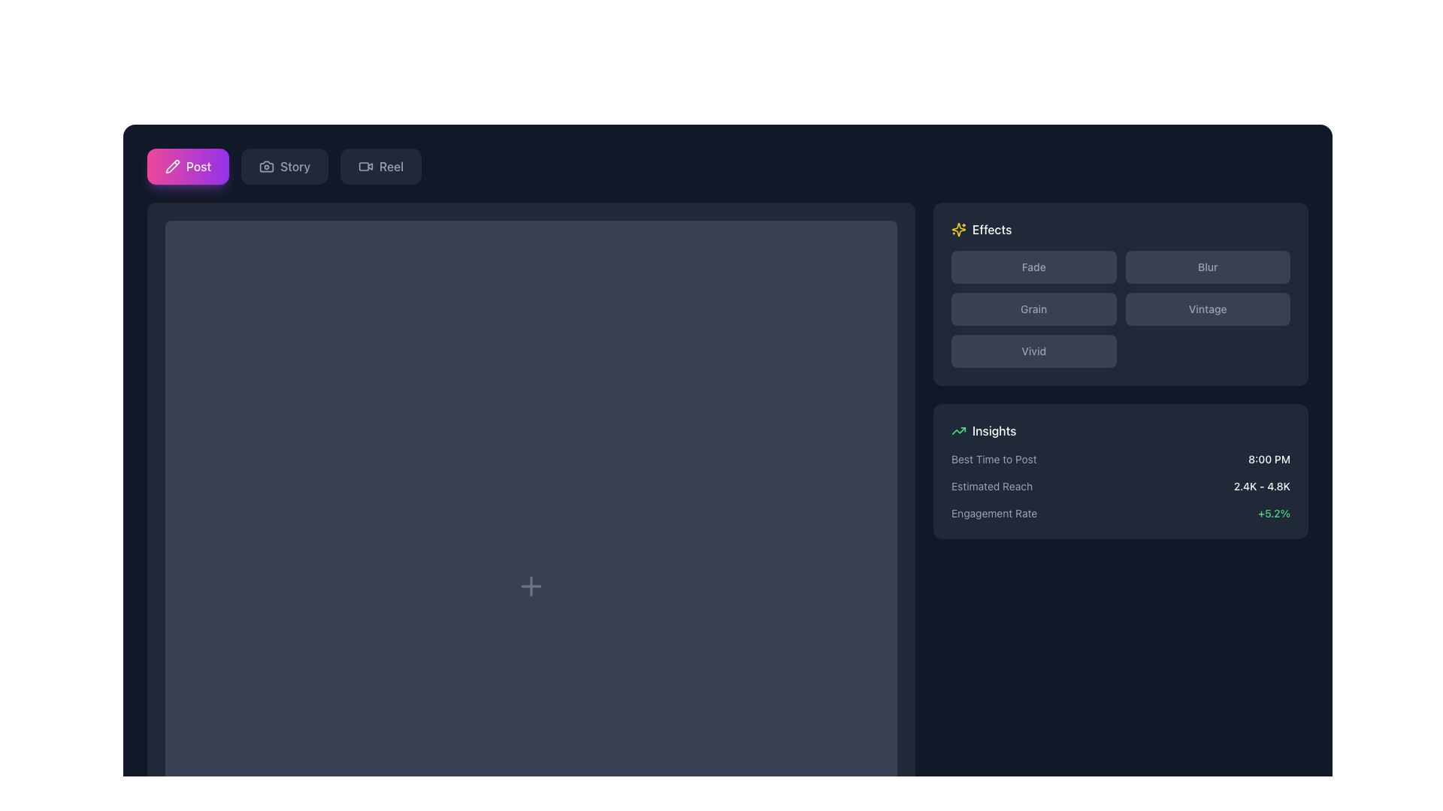 This screenshot has height=811, width=1443. Describe the element at coordinates (1033, 266) in the screenshot. I see `the 'Fade' button located at the top-left corner of the effects options grid, which has a dark gray background and light gray text` at that location.